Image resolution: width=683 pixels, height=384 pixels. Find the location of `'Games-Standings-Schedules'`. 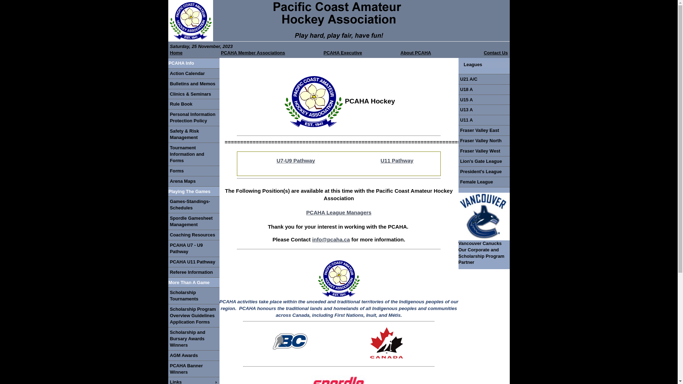

'Games-Standings-Schedules' is located at coordinates (193, 204).